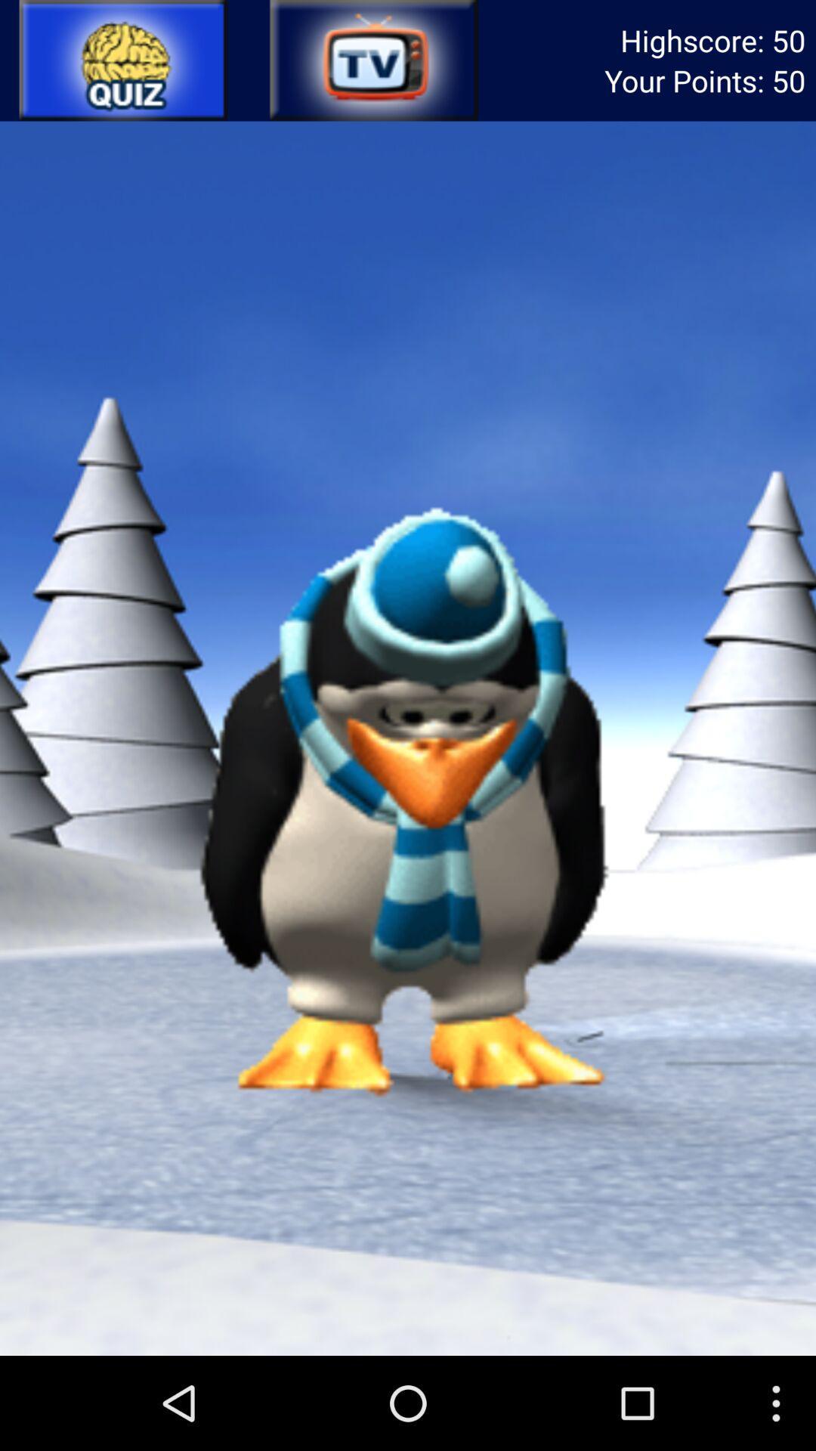 The height and width of the screenshot is (1451, 816). I want to click on the delete icon, so click(372, 63).